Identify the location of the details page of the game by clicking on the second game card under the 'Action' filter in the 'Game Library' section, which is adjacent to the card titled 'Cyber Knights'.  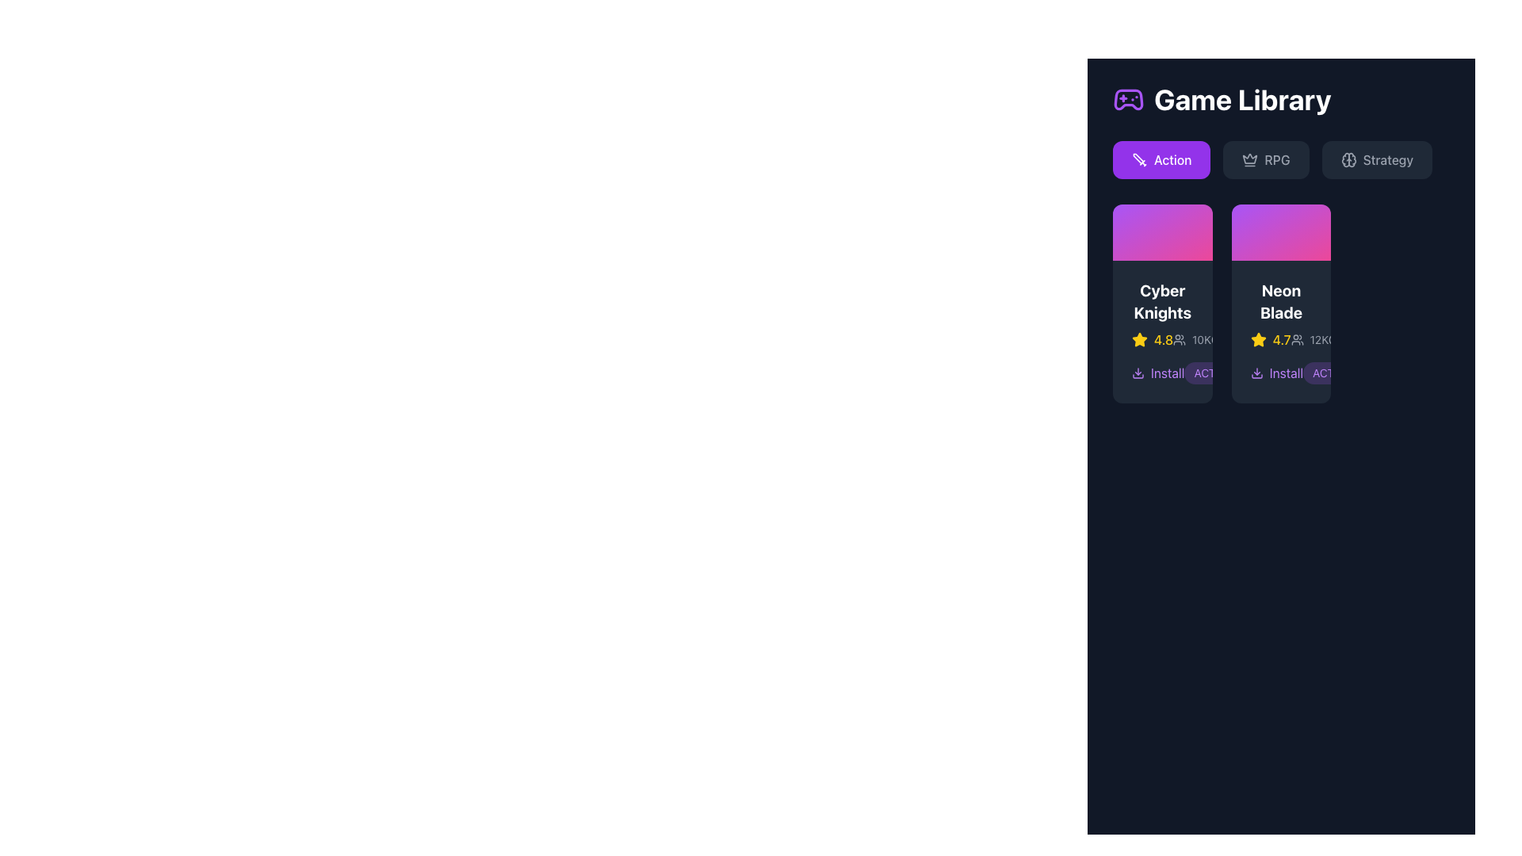
(1281, 331).